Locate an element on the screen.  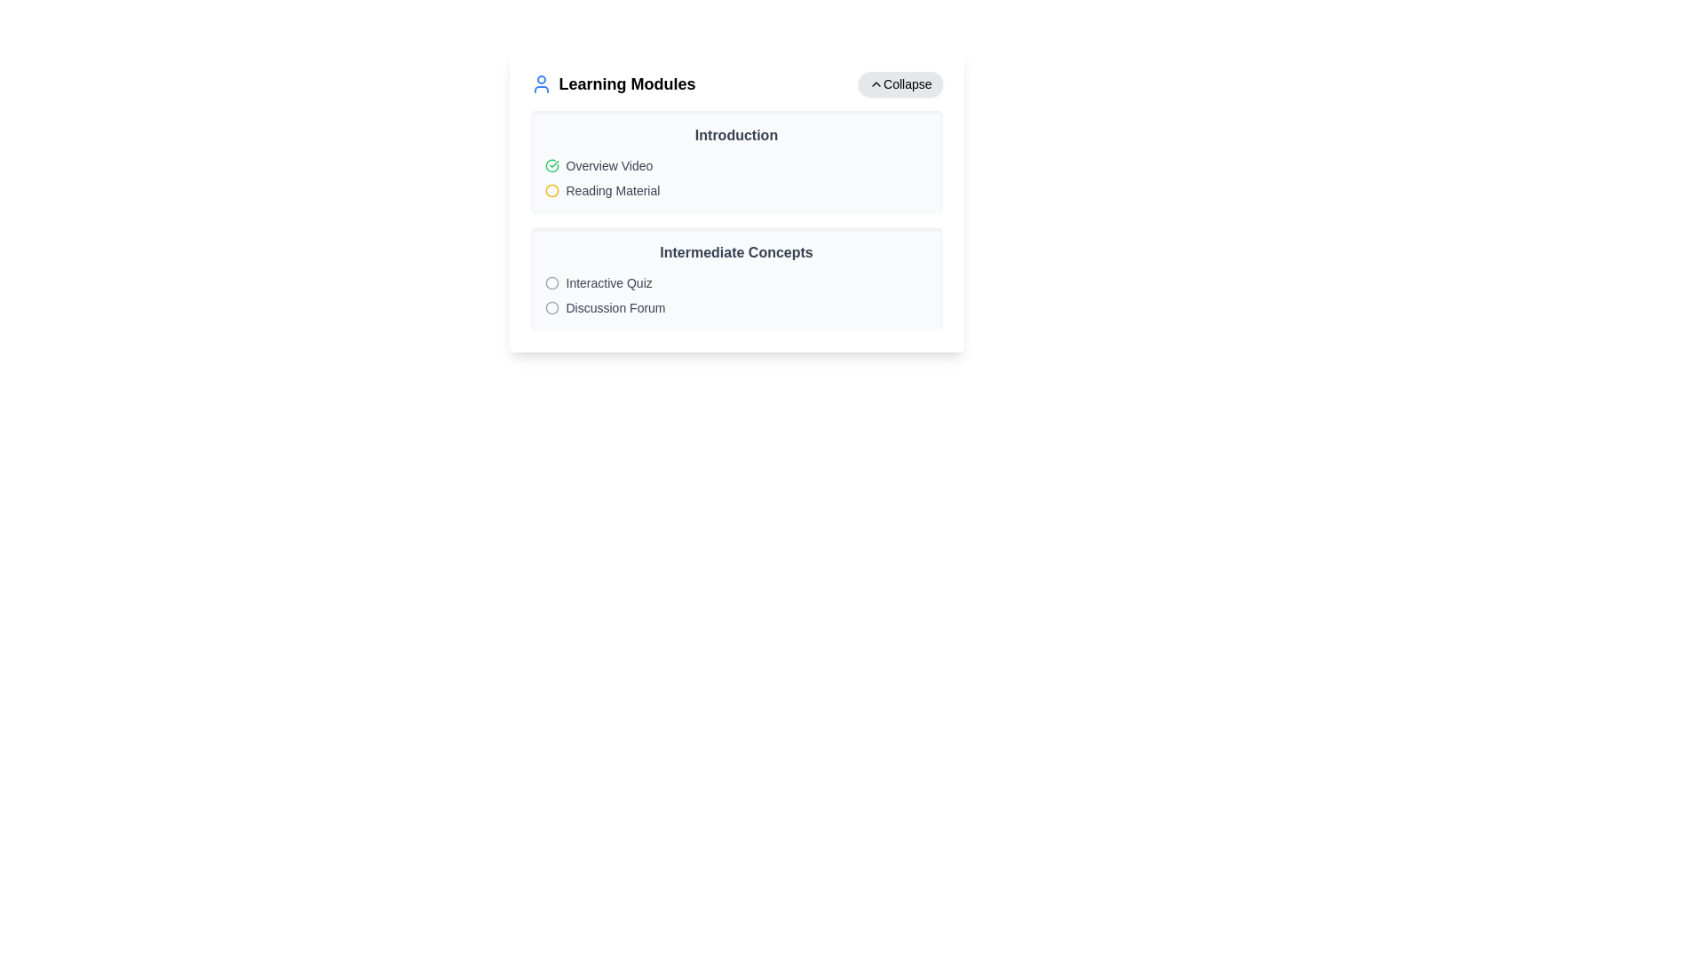
the 'Reading Material' text label located in the 'Introduction' section, which is positioned directly below the 'Overview Video' item and accompanied by a yellow circular icon is located at coordinates (613, 191).